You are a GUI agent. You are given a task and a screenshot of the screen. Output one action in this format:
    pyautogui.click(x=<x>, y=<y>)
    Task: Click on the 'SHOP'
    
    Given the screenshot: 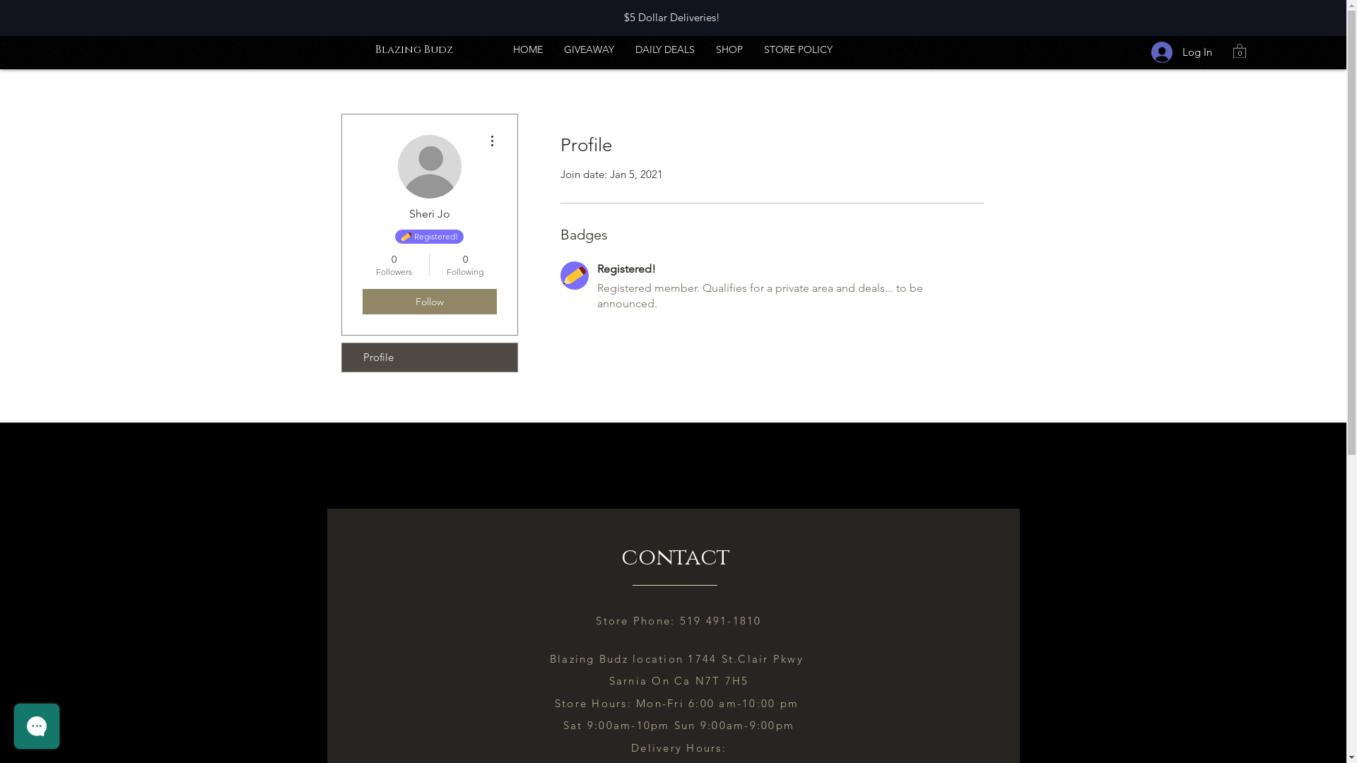 What is the action you would take?
    pyautogui.click(x=729, y=48)
    